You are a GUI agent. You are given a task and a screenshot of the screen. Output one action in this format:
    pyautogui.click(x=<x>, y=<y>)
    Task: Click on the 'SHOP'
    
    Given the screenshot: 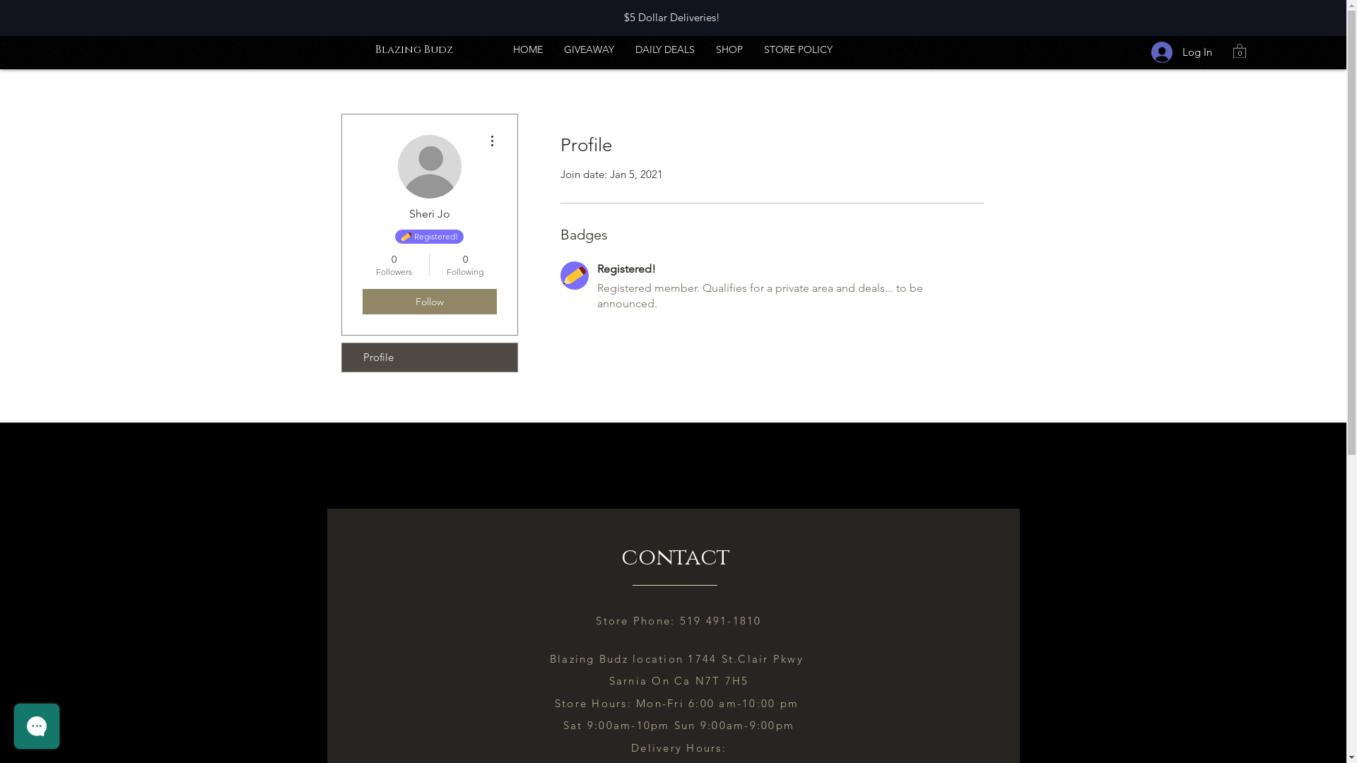 What is the action you would take?
    pyautogui.click(x=729, y=48)
    